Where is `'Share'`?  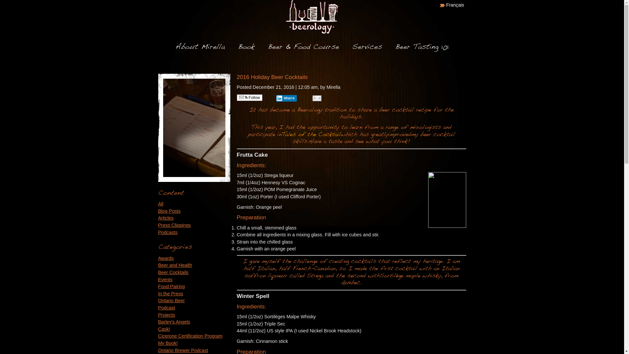
'Share' is located at coordinates (276, 98).